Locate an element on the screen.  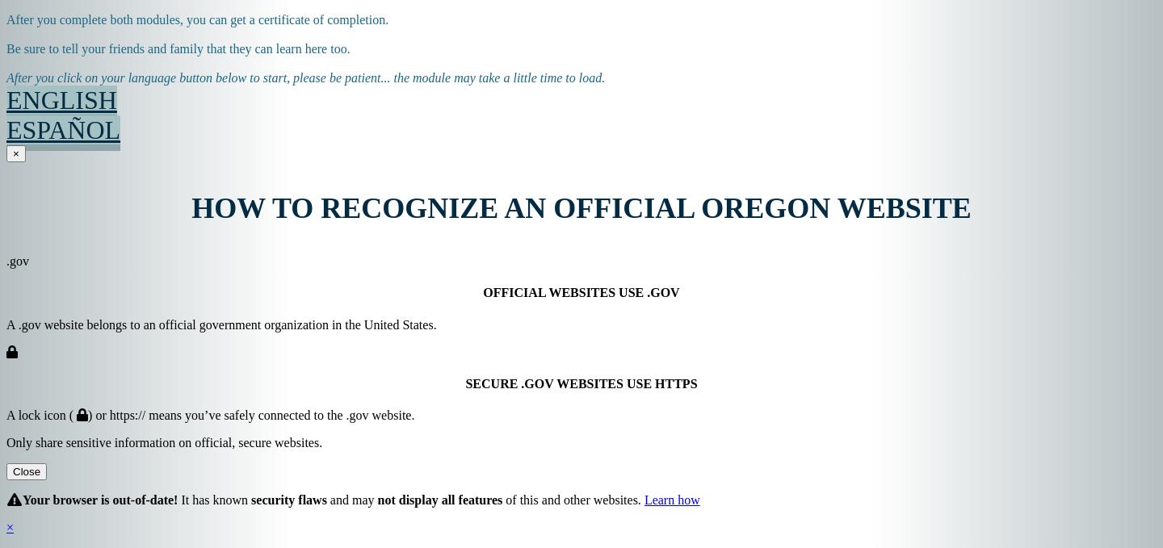
'fter you click on your language button below to start, please be patient... the module may take a little time to load.' is located at coordinates (12, 77).